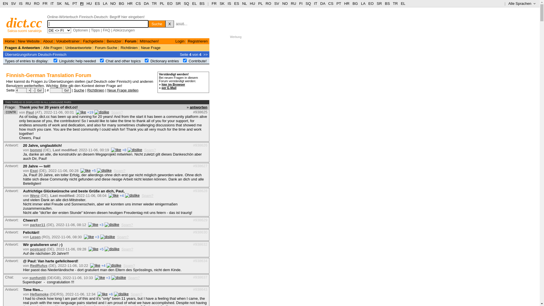 The image size is (544, 306). Describe the element at coordinates (39, 90) in the screenshot. I see `'Go!'` at that location.